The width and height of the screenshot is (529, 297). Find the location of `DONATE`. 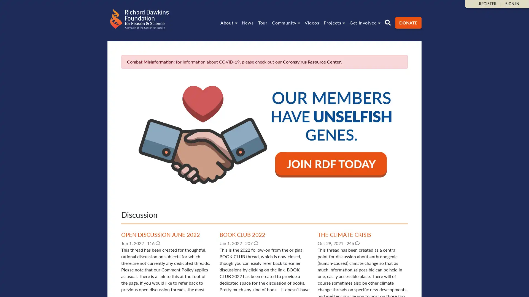

DONATE is located at coordinates (408, 22).